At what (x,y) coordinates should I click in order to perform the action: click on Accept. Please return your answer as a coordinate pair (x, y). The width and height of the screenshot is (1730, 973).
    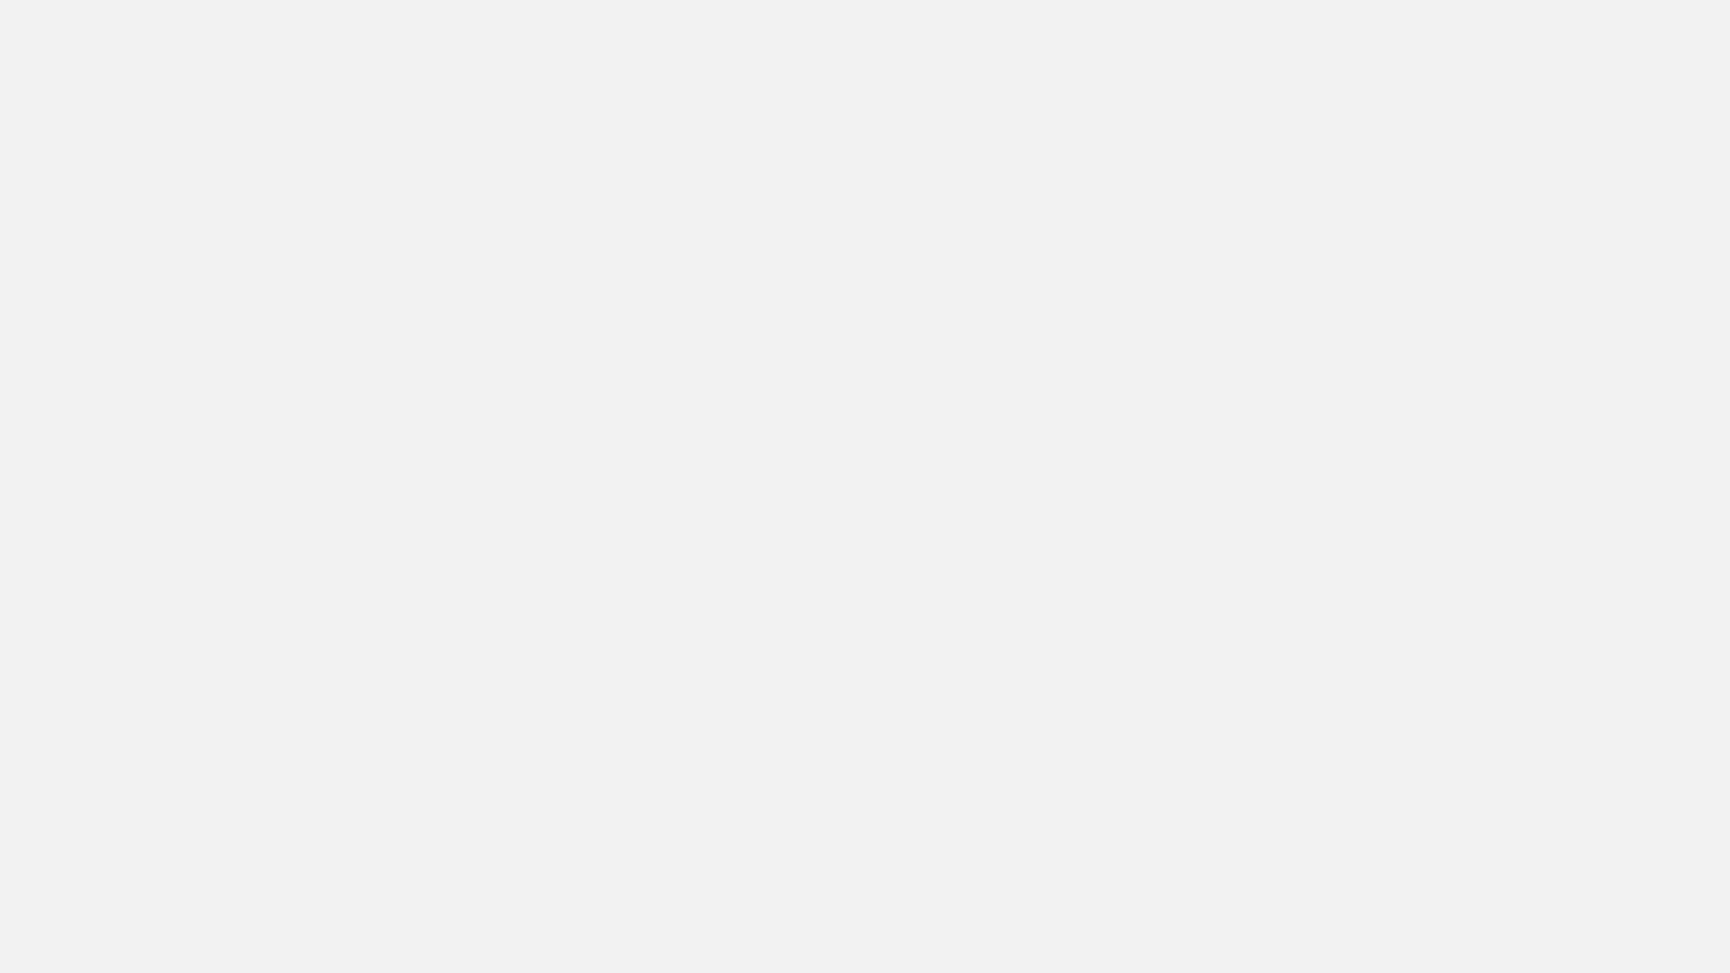
    Looking at the image, I should click on (1353, 917).